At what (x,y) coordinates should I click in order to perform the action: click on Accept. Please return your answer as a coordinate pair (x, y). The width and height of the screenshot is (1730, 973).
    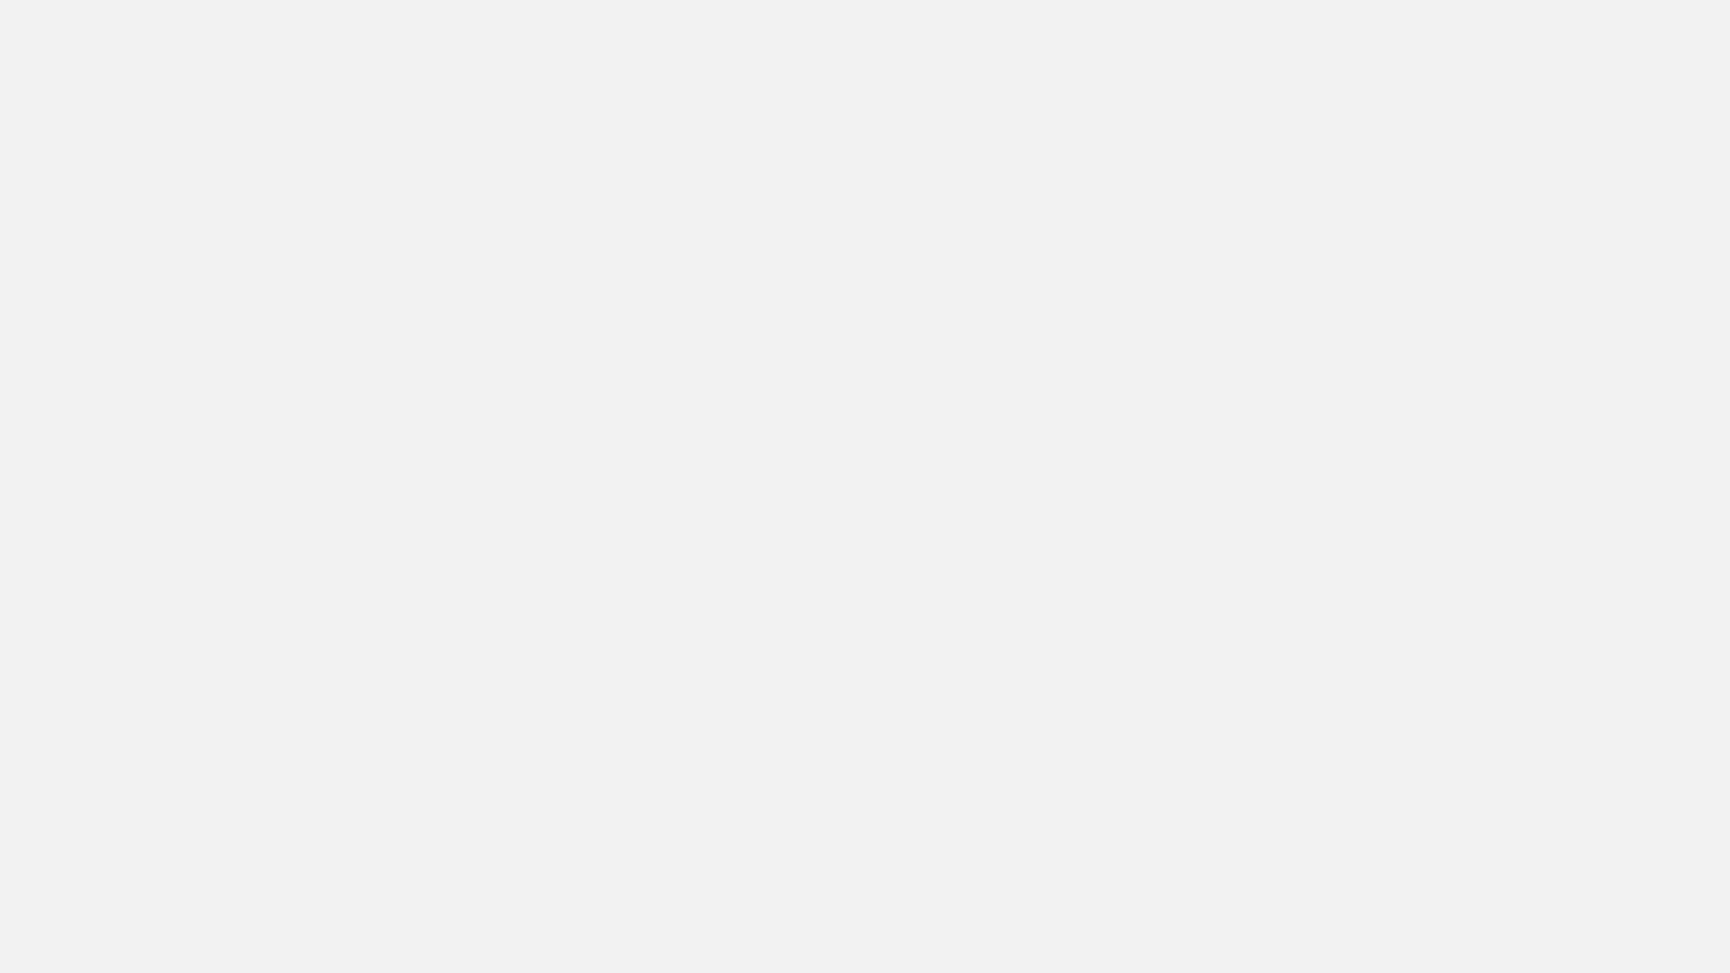
    Looking at the image, I should click on (1353, 917).